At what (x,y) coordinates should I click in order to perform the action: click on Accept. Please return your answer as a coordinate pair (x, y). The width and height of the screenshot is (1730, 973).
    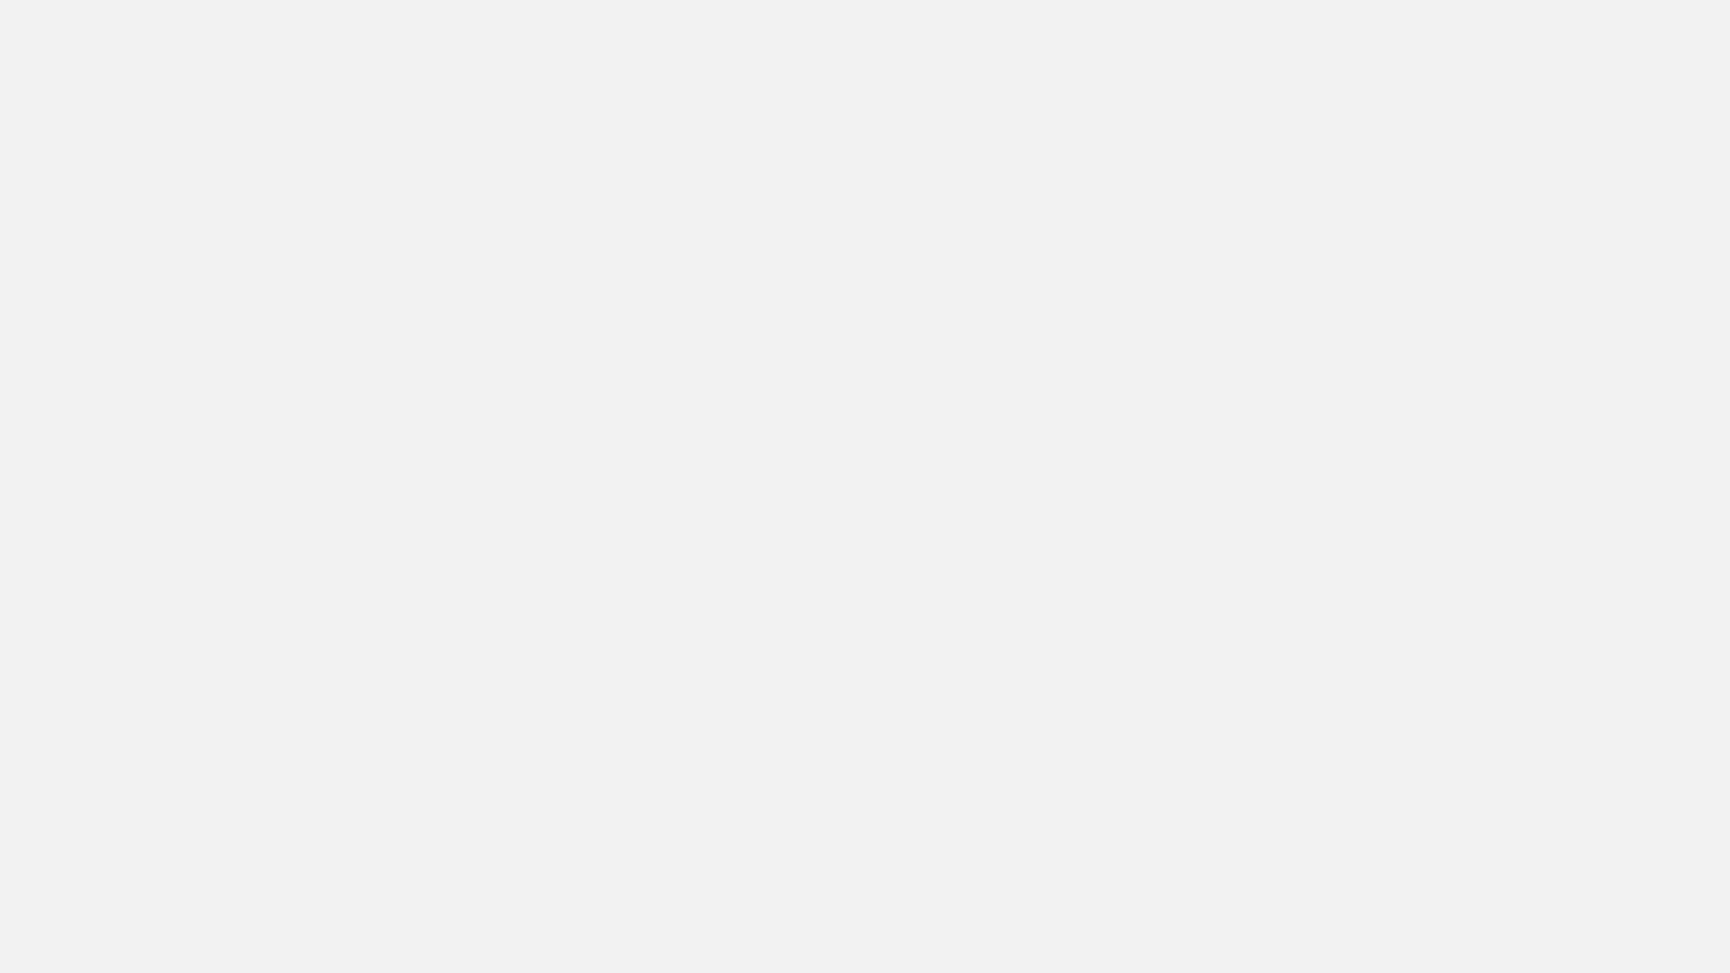
    Looking at the image, I should click on (1353, 917).